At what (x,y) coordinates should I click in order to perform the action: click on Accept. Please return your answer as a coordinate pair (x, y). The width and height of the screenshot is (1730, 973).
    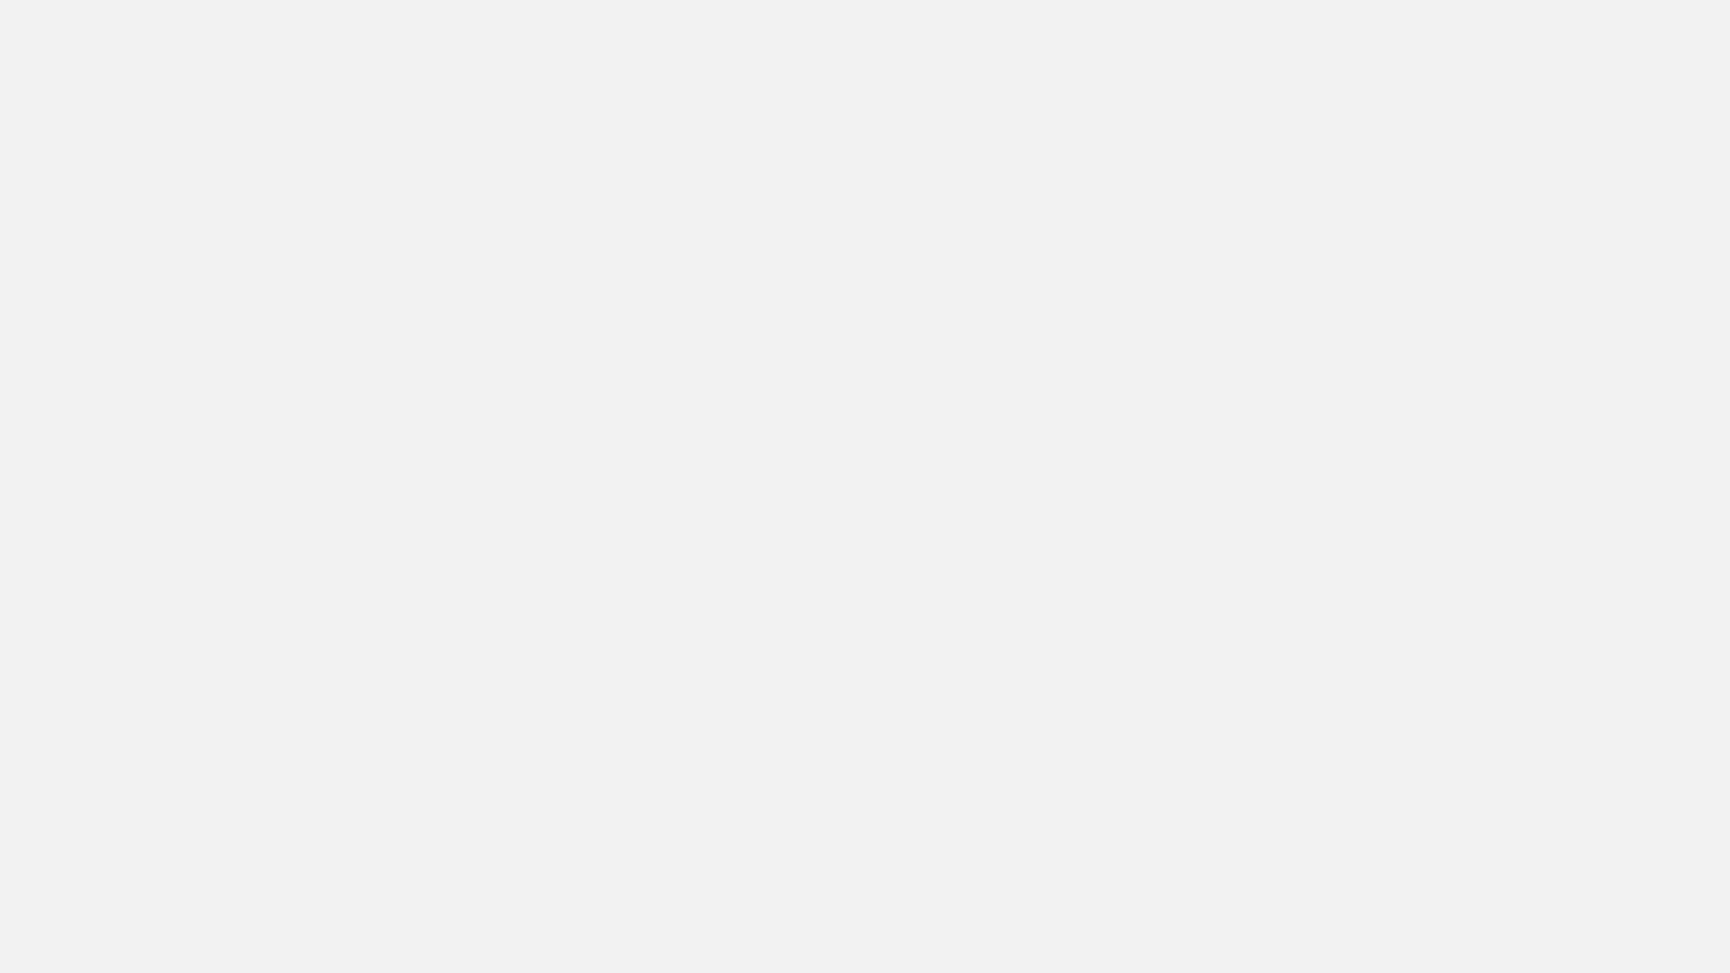
    Looking at the image, I should click on (1353, 917).